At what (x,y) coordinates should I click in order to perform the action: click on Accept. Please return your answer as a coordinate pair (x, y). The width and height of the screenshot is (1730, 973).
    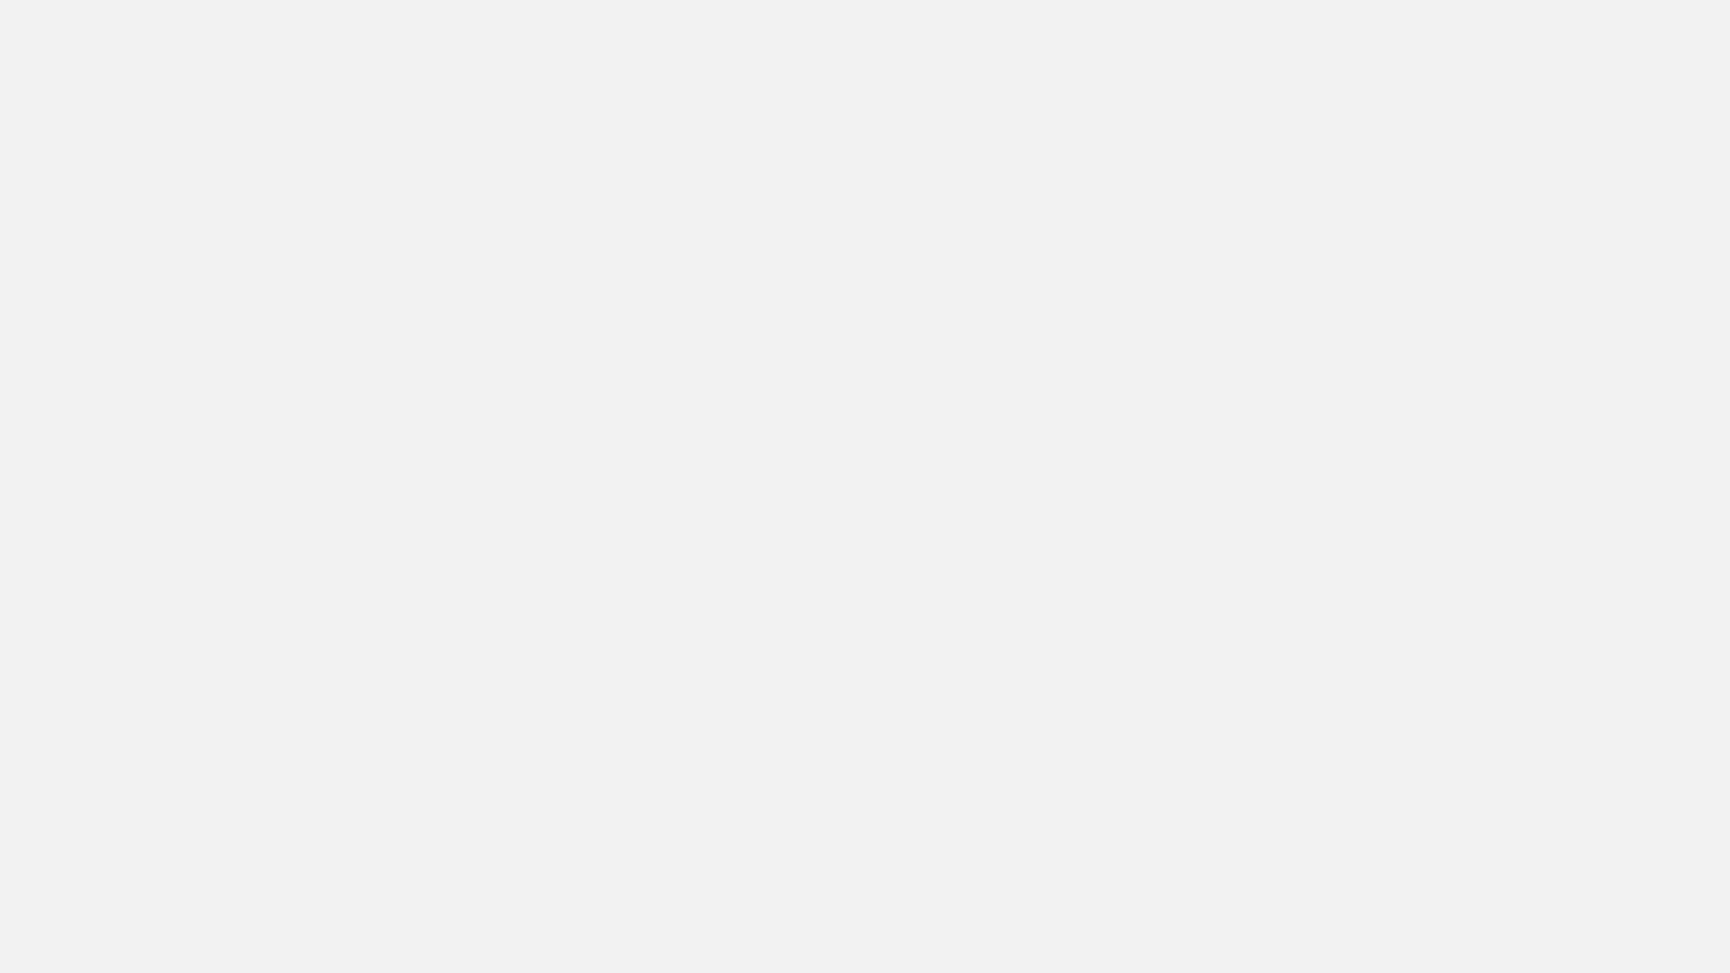
    Looking at the image, I should click on (1353, 917).